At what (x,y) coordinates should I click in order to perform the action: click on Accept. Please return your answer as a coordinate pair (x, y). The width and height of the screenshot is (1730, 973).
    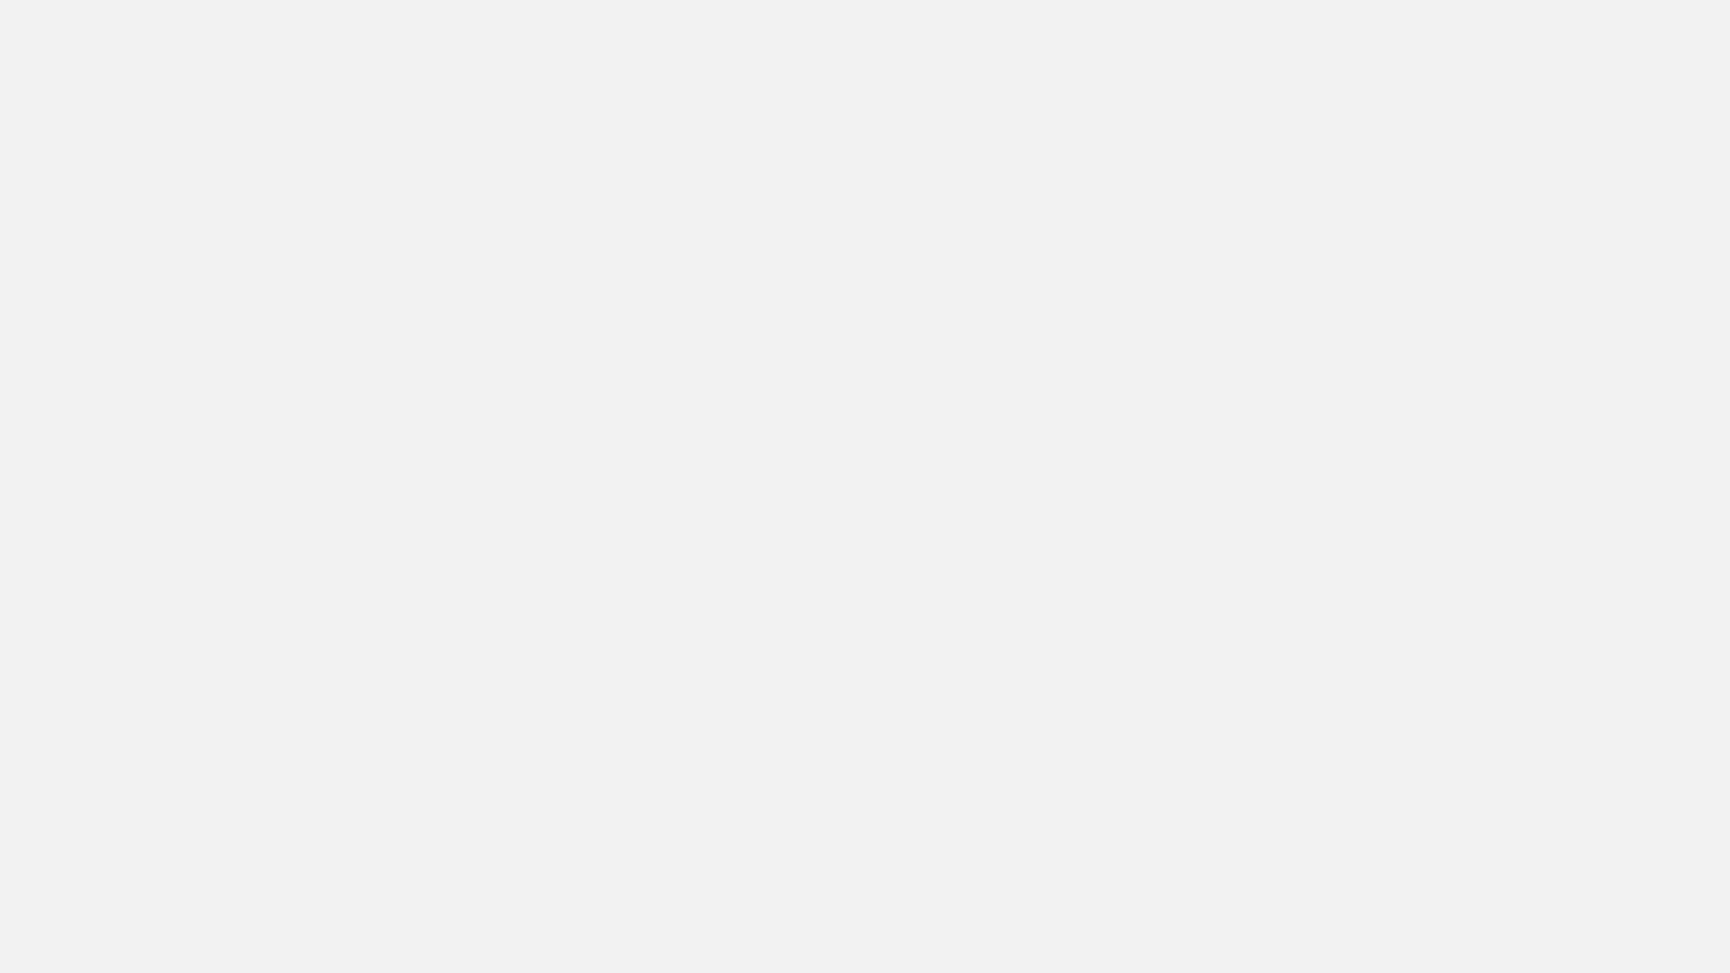
    Looking at the image, I should click on (1353, 917).